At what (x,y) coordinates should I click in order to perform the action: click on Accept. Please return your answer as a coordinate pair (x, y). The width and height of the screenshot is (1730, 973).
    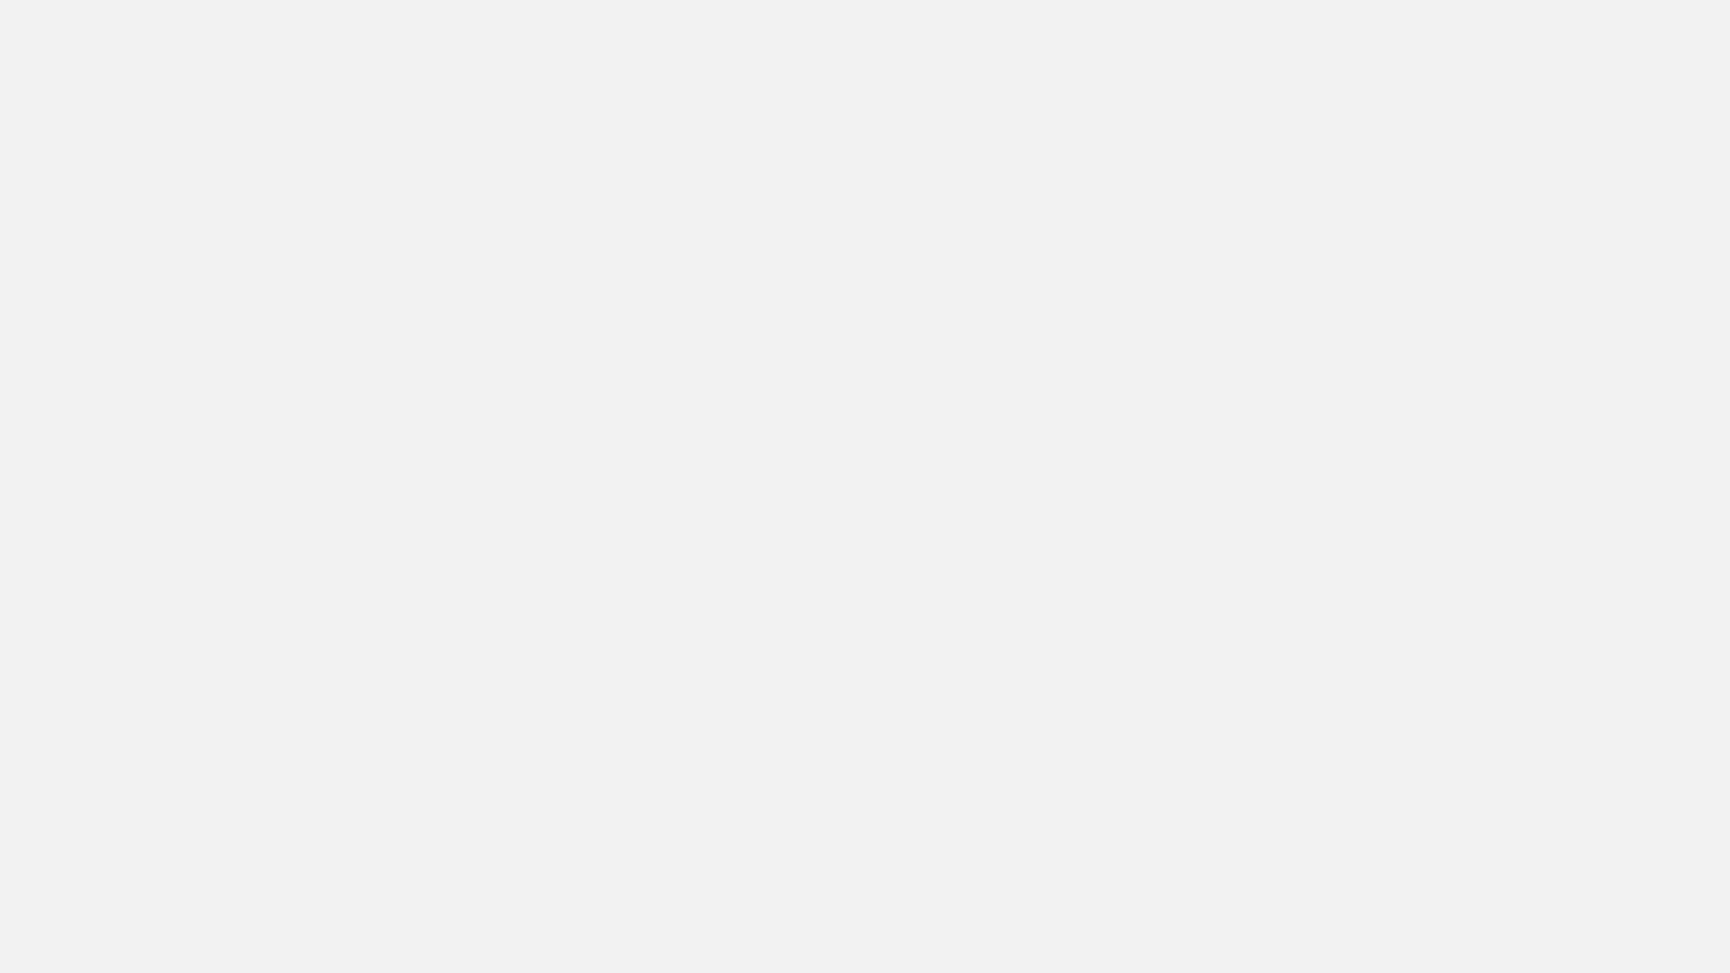
    Looking at the image, I should click on (1353, 917).